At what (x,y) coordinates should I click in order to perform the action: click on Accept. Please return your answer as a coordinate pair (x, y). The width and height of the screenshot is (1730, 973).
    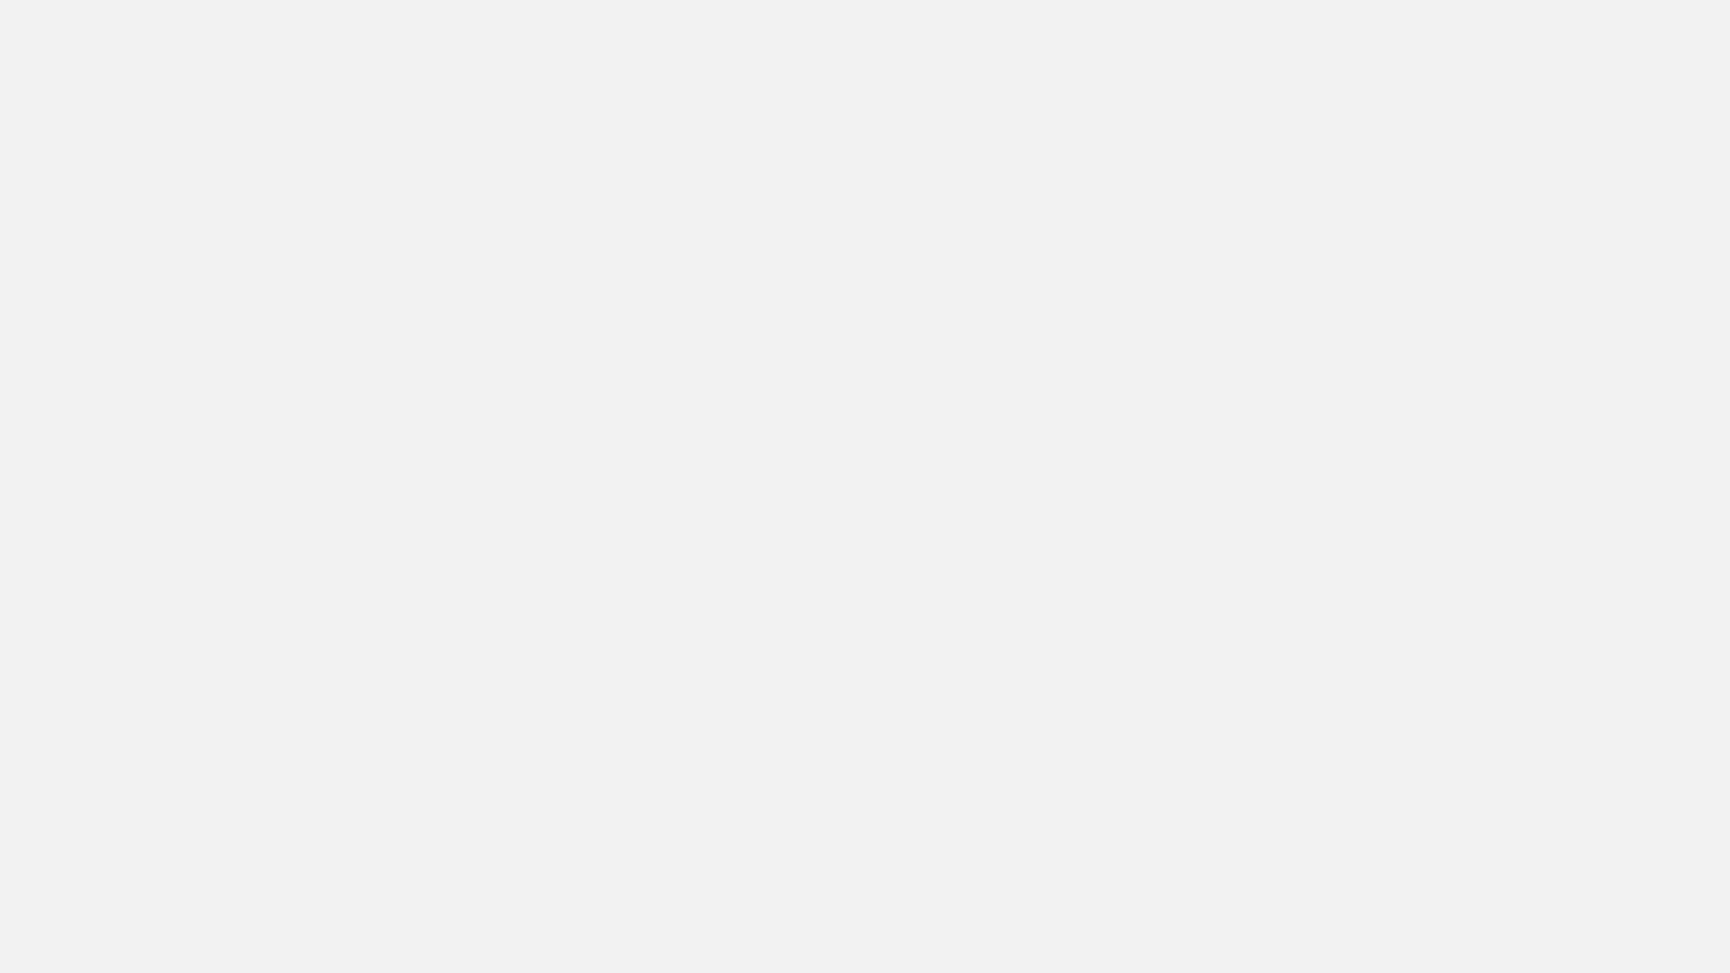
    Looking at the image, I should click on (1353, 917).